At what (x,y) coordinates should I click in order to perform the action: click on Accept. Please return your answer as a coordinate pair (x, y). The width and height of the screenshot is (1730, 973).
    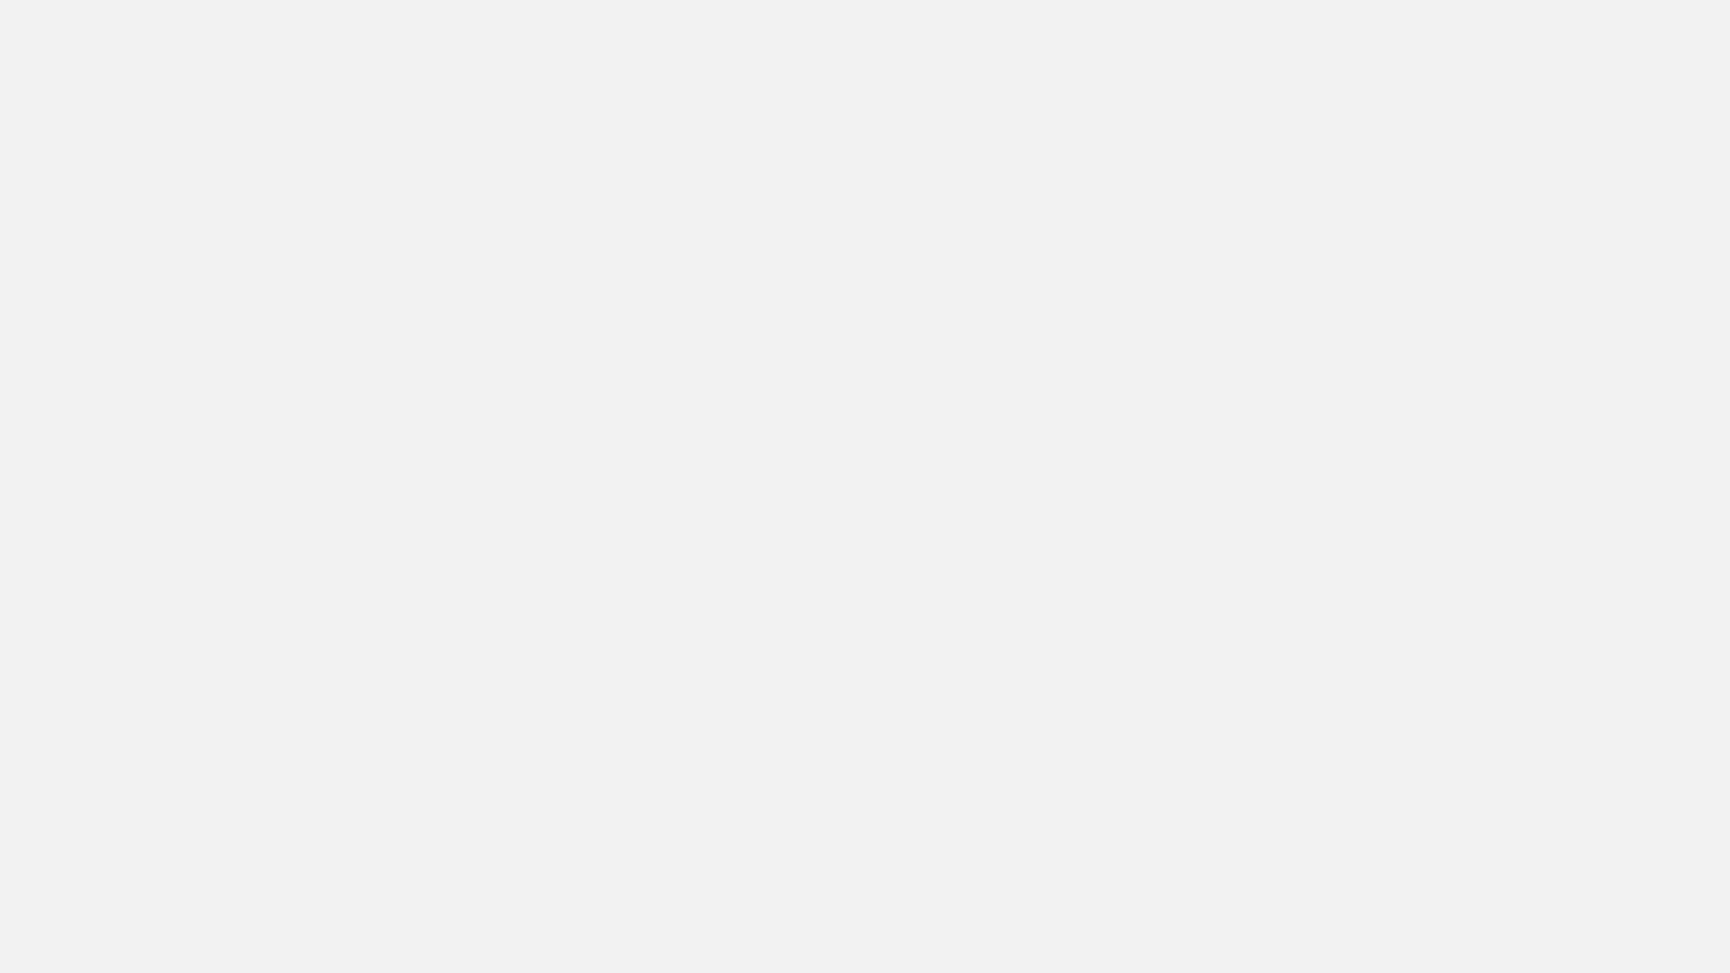
    Looking at the image, I should click on (1353, 917).